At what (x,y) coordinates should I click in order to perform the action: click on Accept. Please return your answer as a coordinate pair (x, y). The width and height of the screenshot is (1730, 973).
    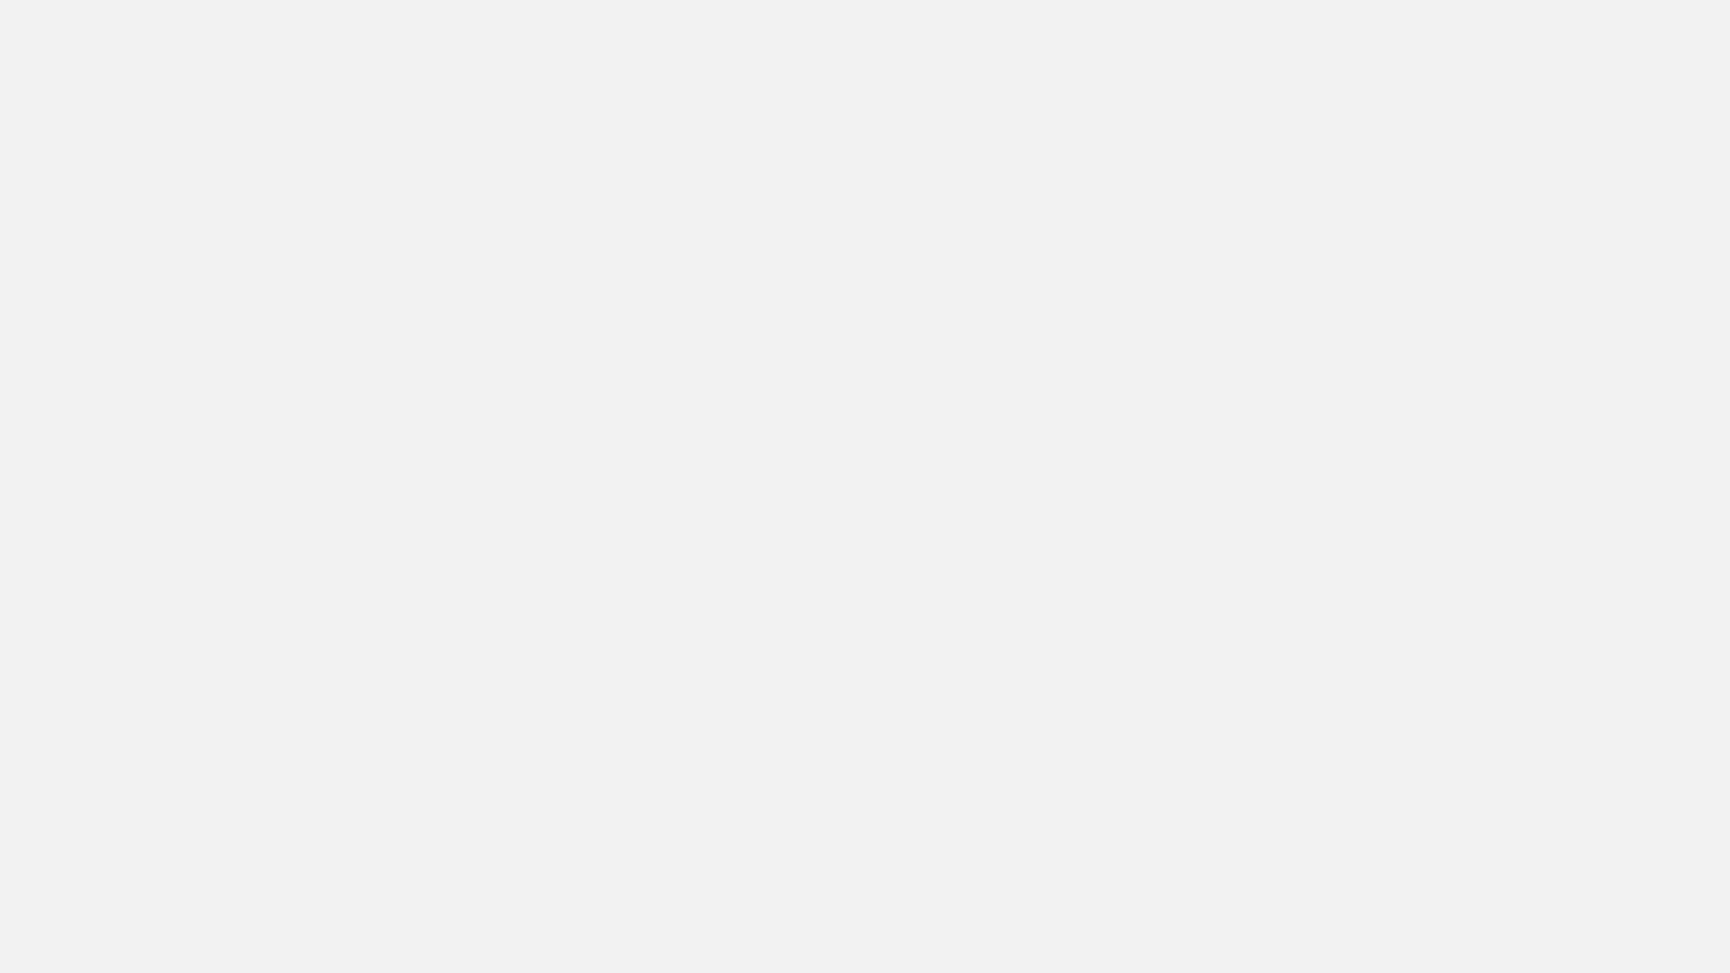
    Looking at the image, I should click on (1353, 917).